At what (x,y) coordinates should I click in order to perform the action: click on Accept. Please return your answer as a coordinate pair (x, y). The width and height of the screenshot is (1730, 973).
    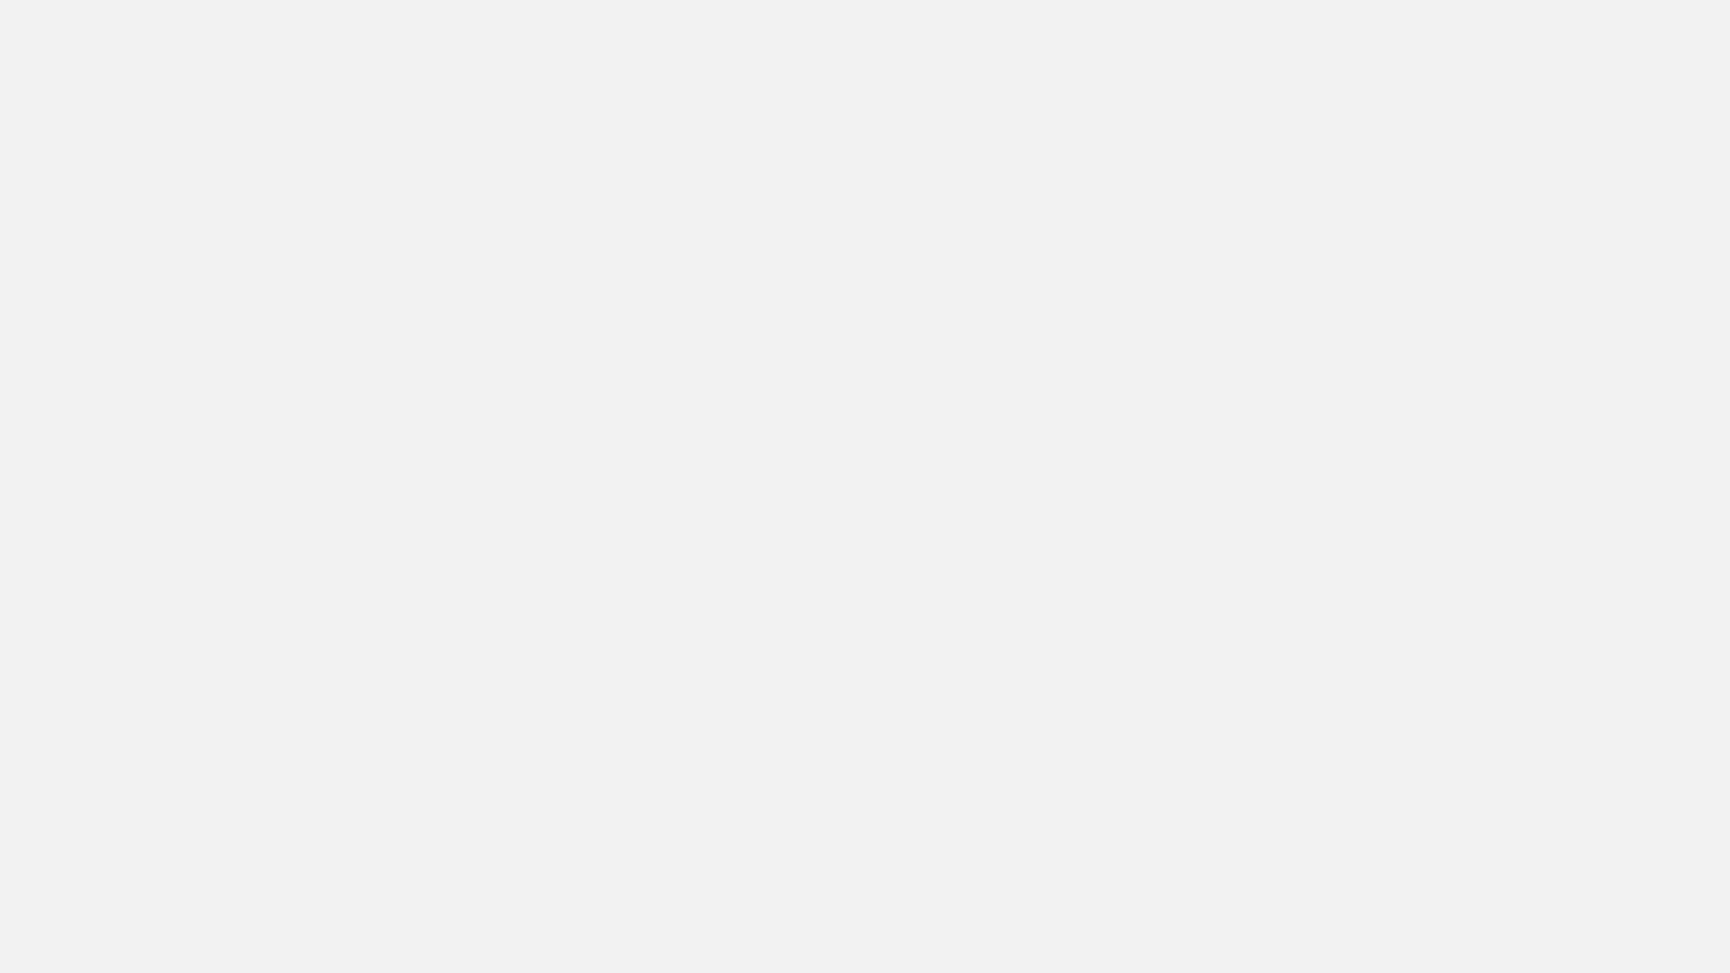
    Looking at the image, I should click on (1353, 917).